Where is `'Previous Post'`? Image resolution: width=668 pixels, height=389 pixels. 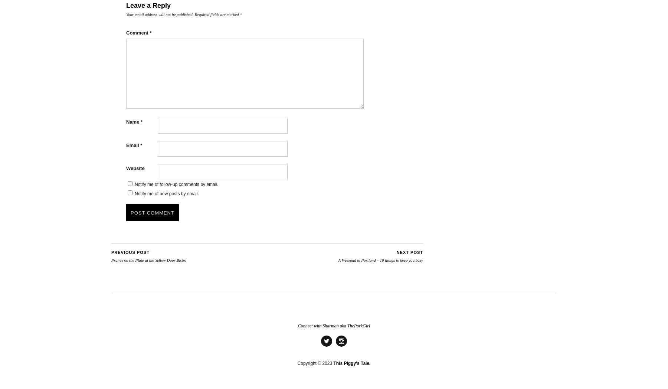 'Previous Post' is located at coordinates (130, 252).